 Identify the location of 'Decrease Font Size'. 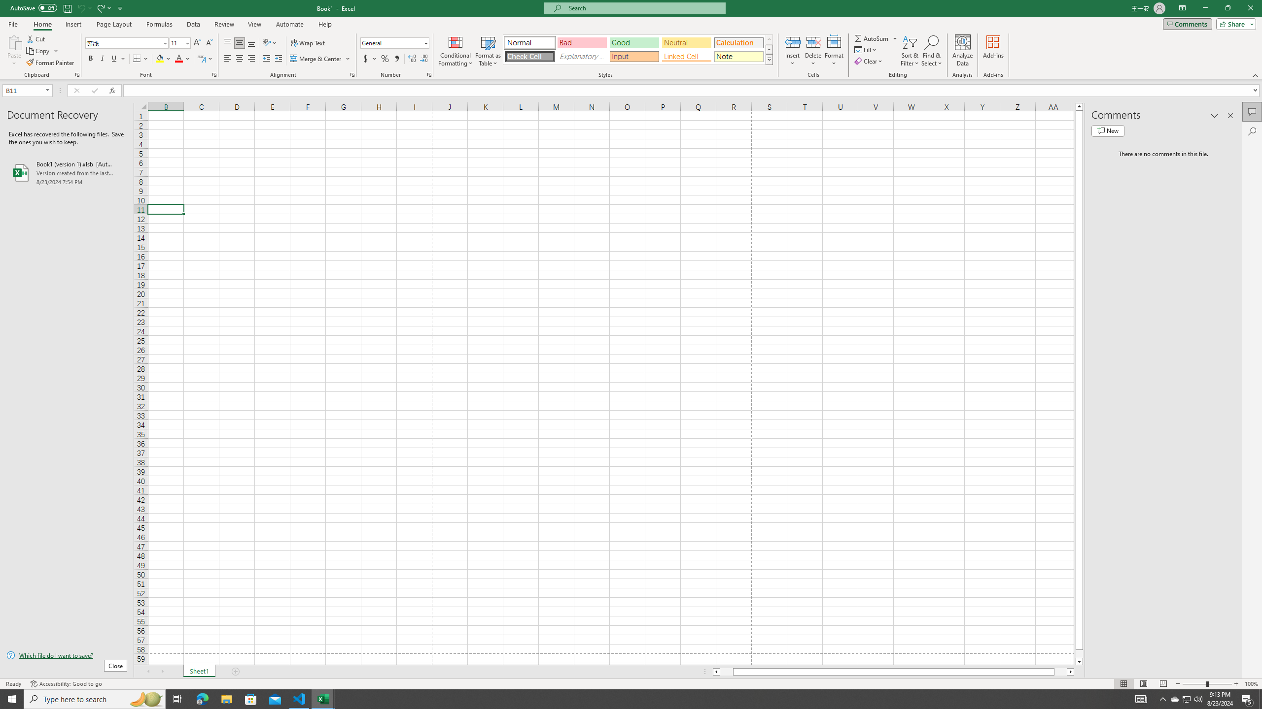
(209, 43).